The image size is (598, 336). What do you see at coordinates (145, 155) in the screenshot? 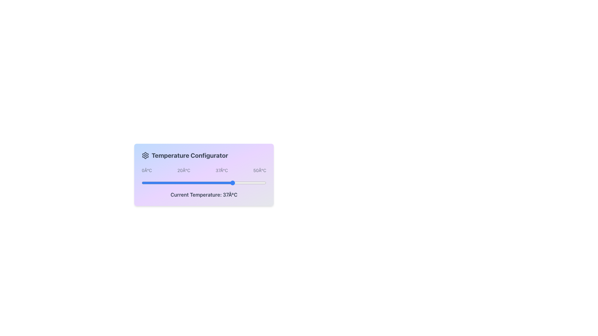
I see `the settings gear icon located to the left of the 'Temperature Configurator' text, which serves as a functional element for configuration` at bounding box center [145, 155].